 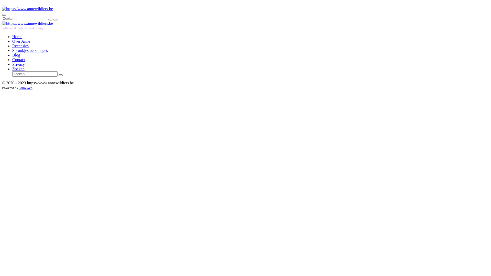 I want to click on 'Zoeken', so click(x=18, y=68).